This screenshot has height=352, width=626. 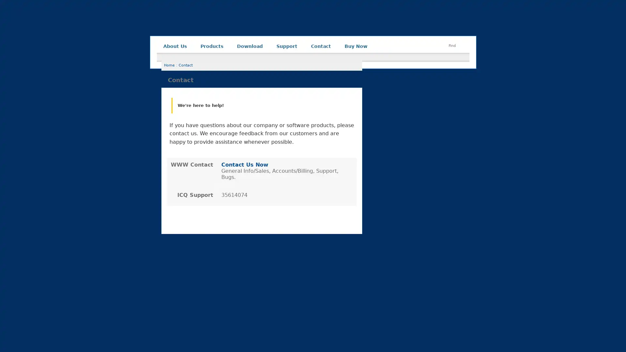 What do you see at coordinates (184, 294) in the screenshot?
I see `Highlight code` at bounding box center [184, 294].